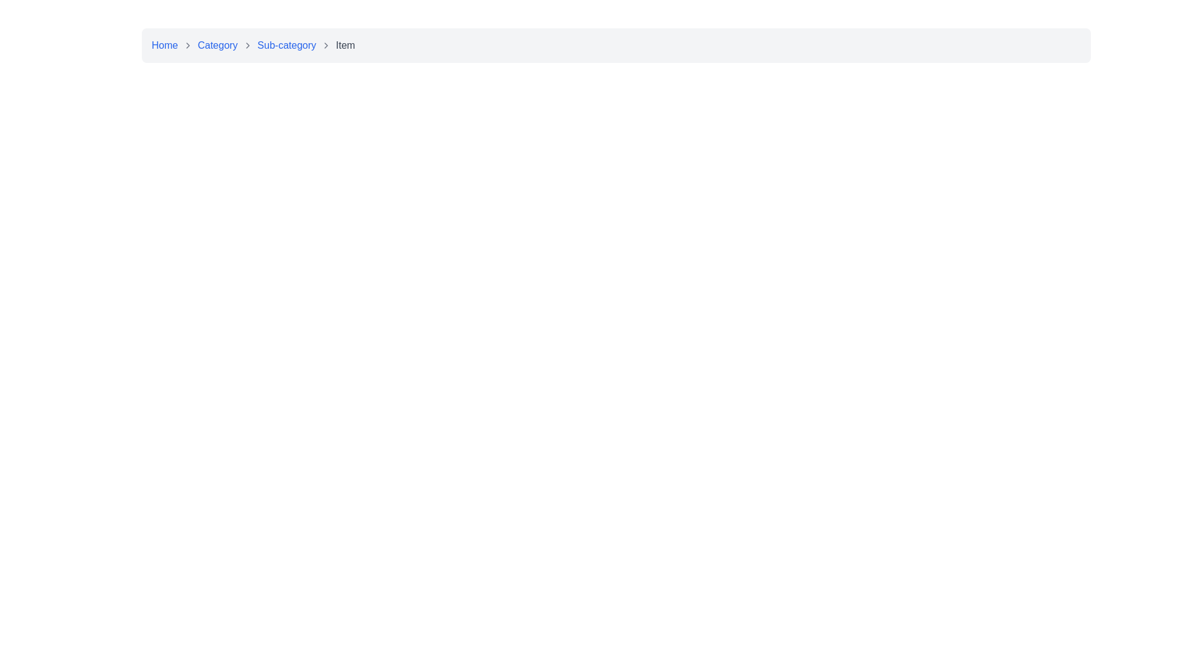 The width and height of the screenshot is (1184, 666). I want to click on the fourth text entry in the breadcrumb navigation, which indicates the current or selected page, located at the far-right end of the breadcrumb bar, so click(345, 44).